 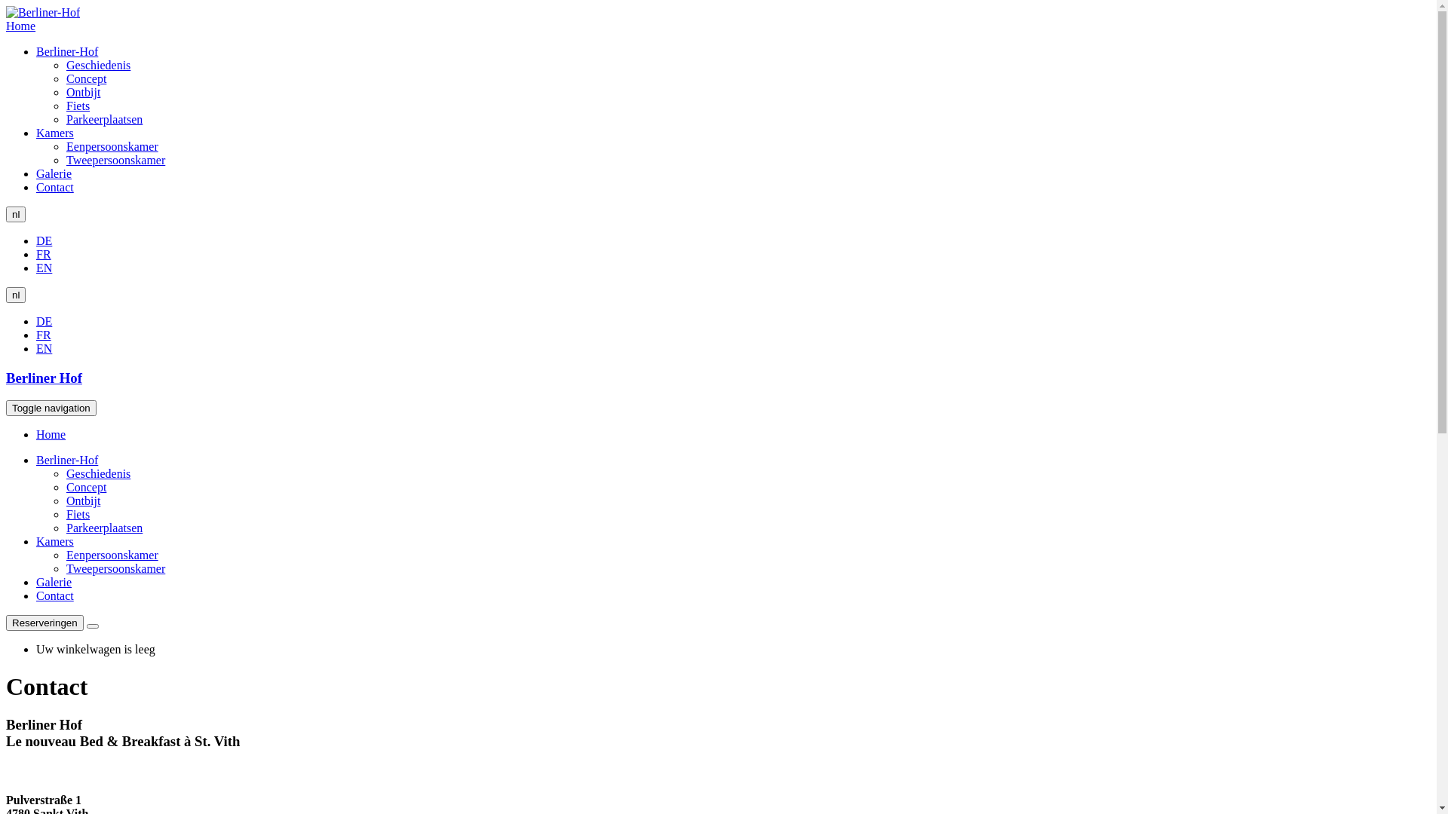 I want to click on 'Tweepersoonskamer', so click(x=115, y=160).